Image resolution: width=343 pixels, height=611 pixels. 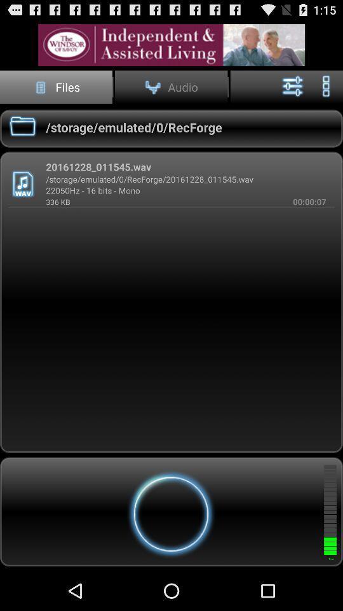 I want to click on advertisement, so click(x=171, y=45).